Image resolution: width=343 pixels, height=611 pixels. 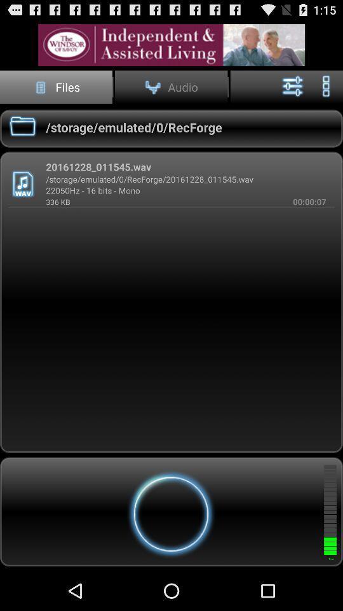 I want to click on advertisement, so click(x=171, y=45).